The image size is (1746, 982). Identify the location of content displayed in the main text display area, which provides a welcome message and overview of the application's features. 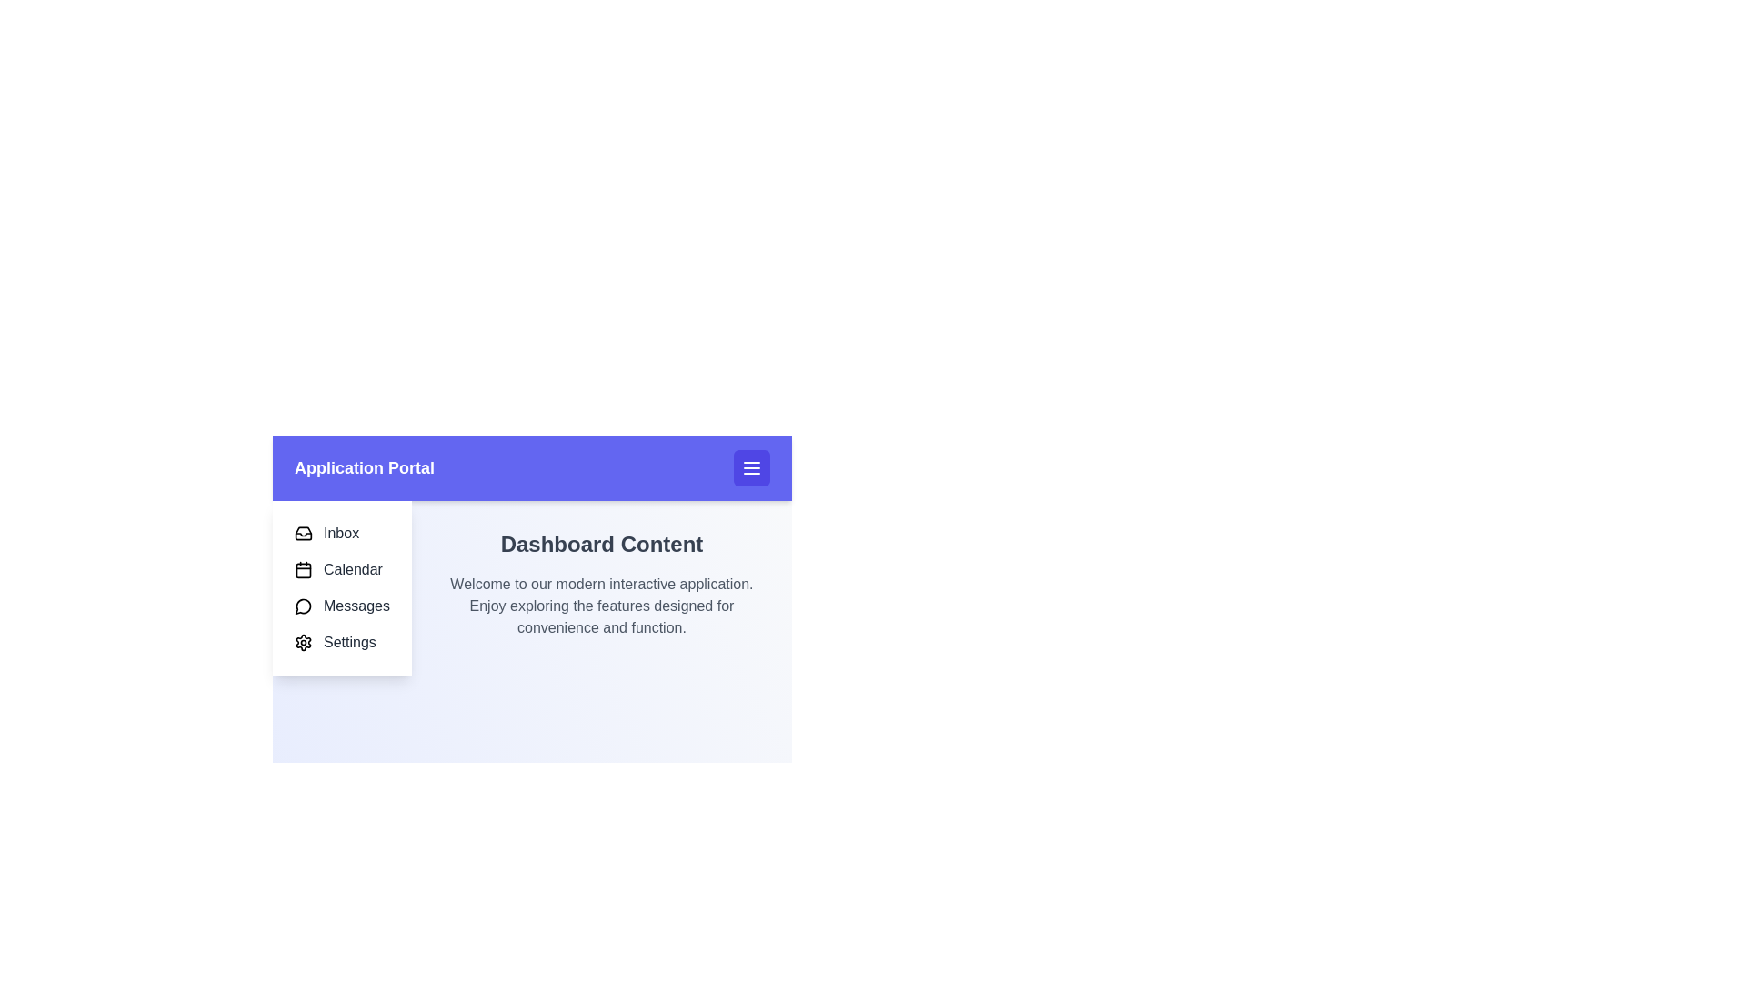
(531, 588).